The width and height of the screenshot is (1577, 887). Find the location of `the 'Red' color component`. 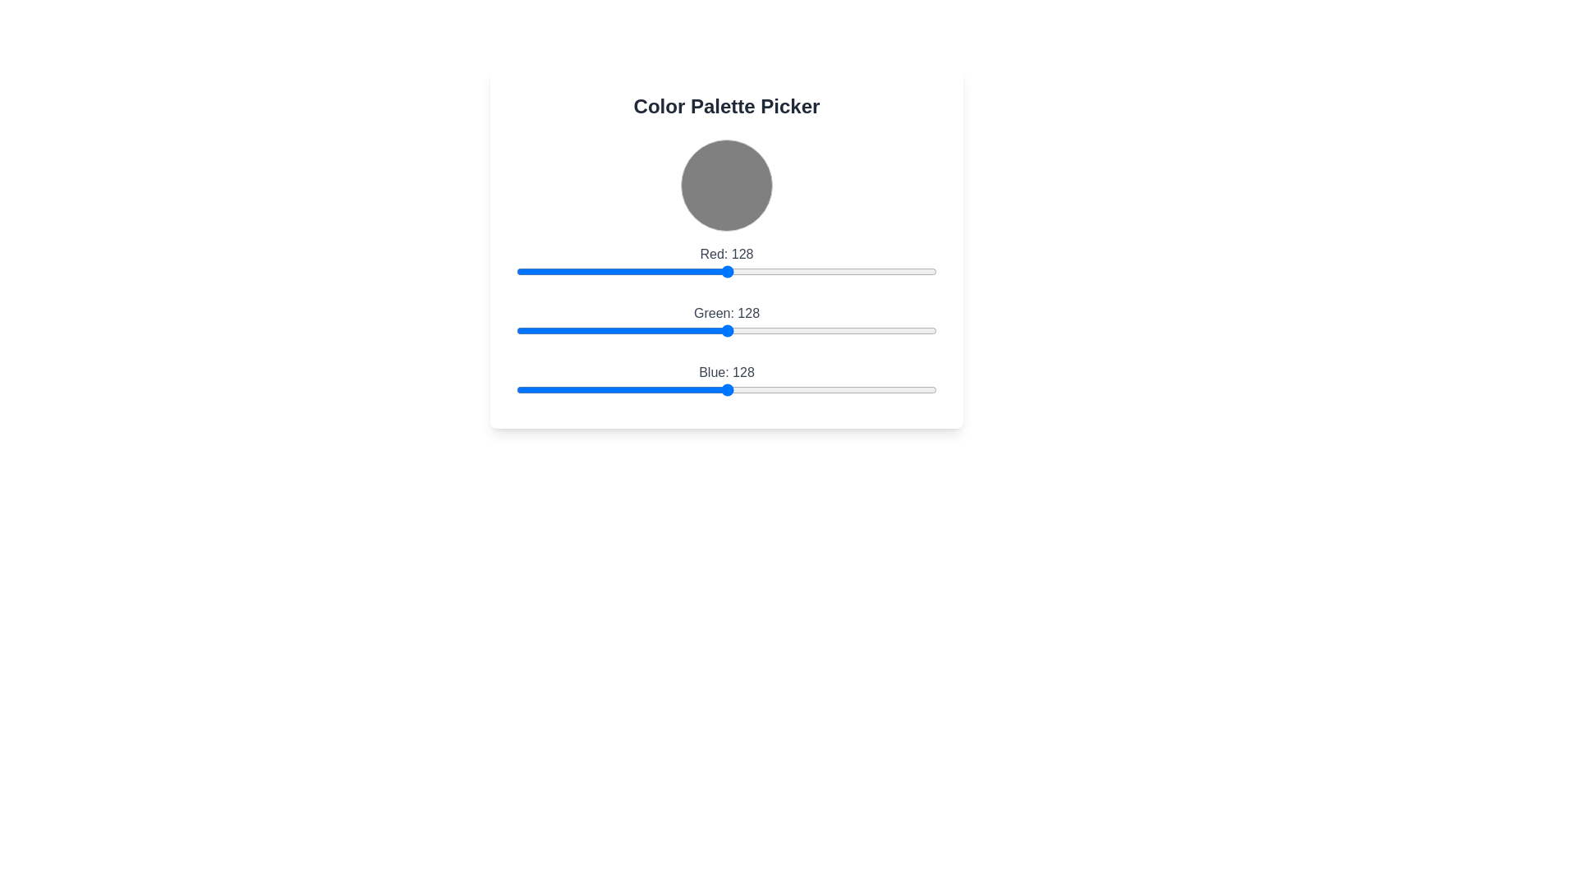

the 'Red' color component is located at coordinates (781, 271).